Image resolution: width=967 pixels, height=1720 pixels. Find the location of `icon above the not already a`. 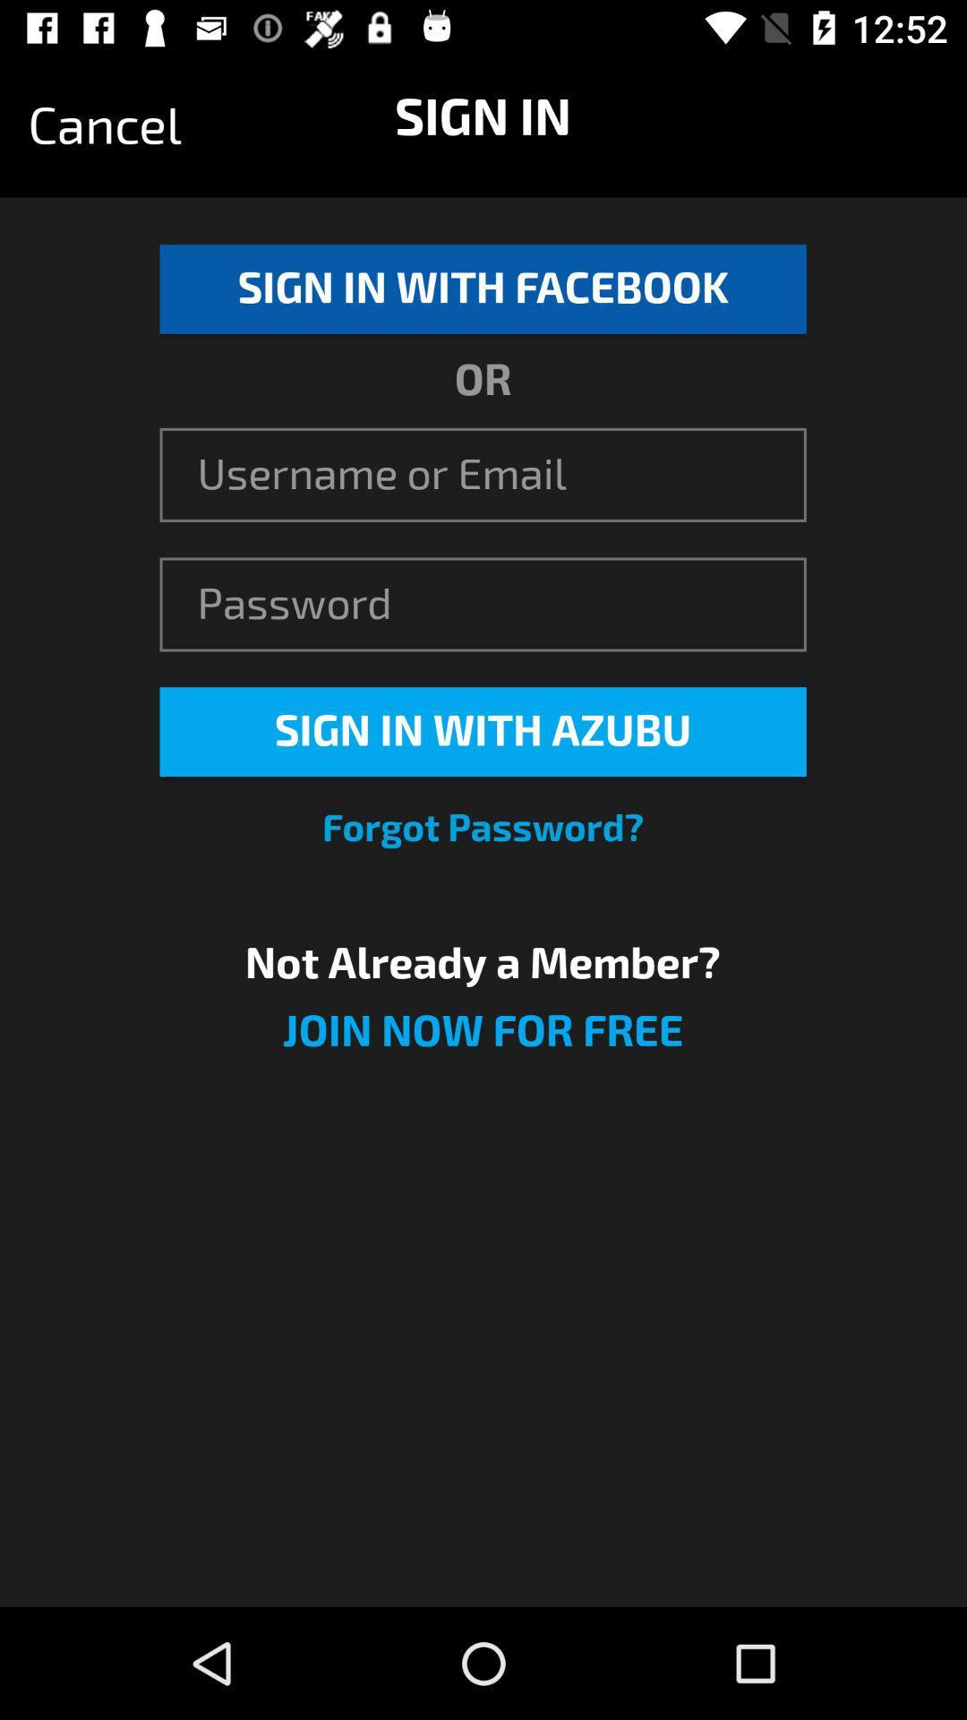

icon above the not already a is located at coordinates (482, 828).